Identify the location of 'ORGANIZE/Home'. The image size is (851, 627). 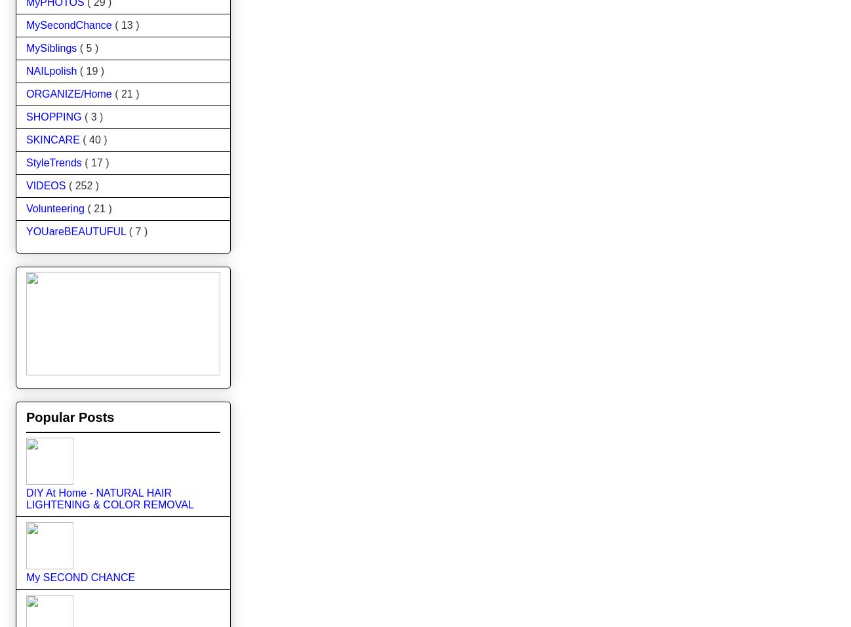
(70, 93).